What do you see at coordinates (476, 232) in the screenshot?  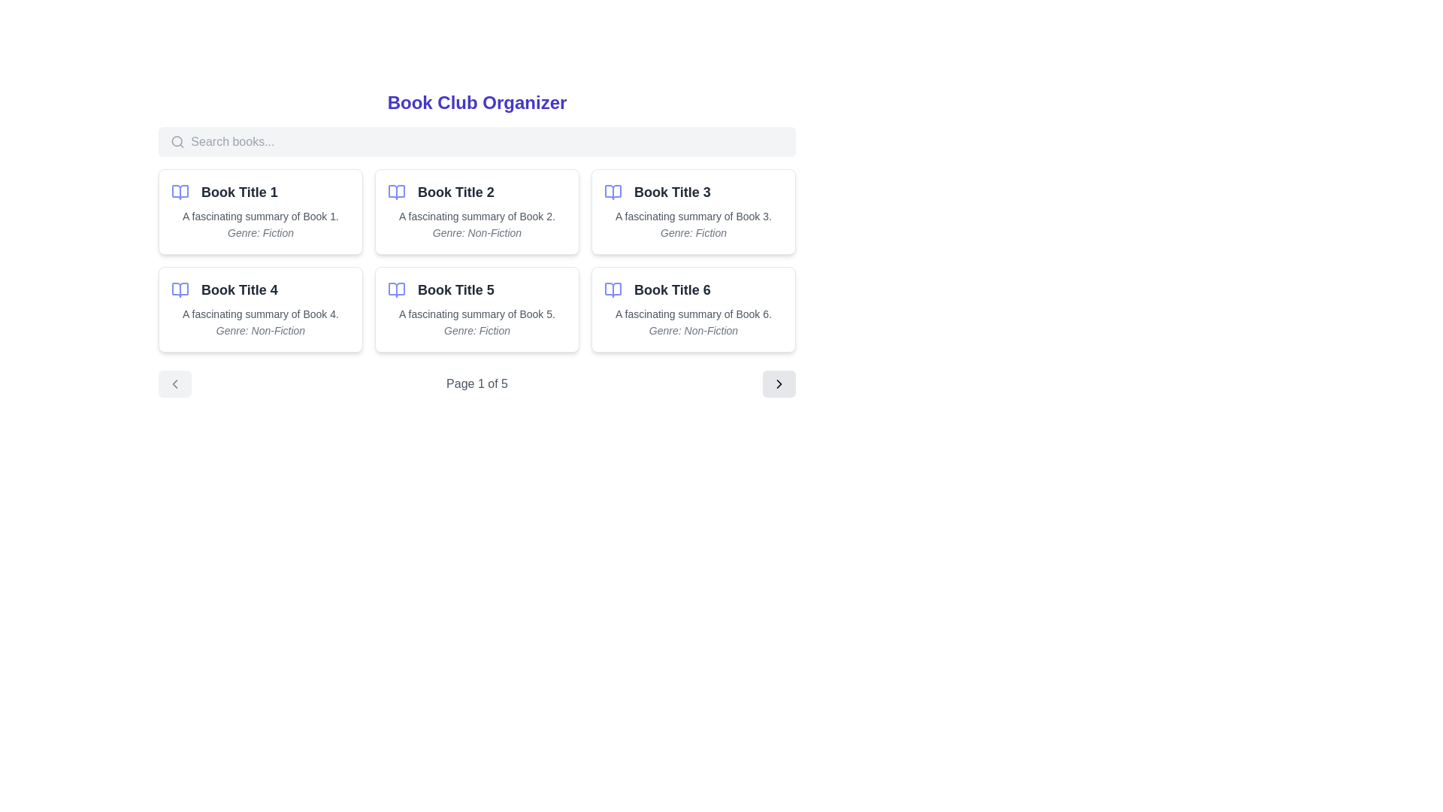 I see `the text label displaying additional information about the book genre located in the bottom section of the card for 'Book Title 2'` at bounding box center [476, 232].